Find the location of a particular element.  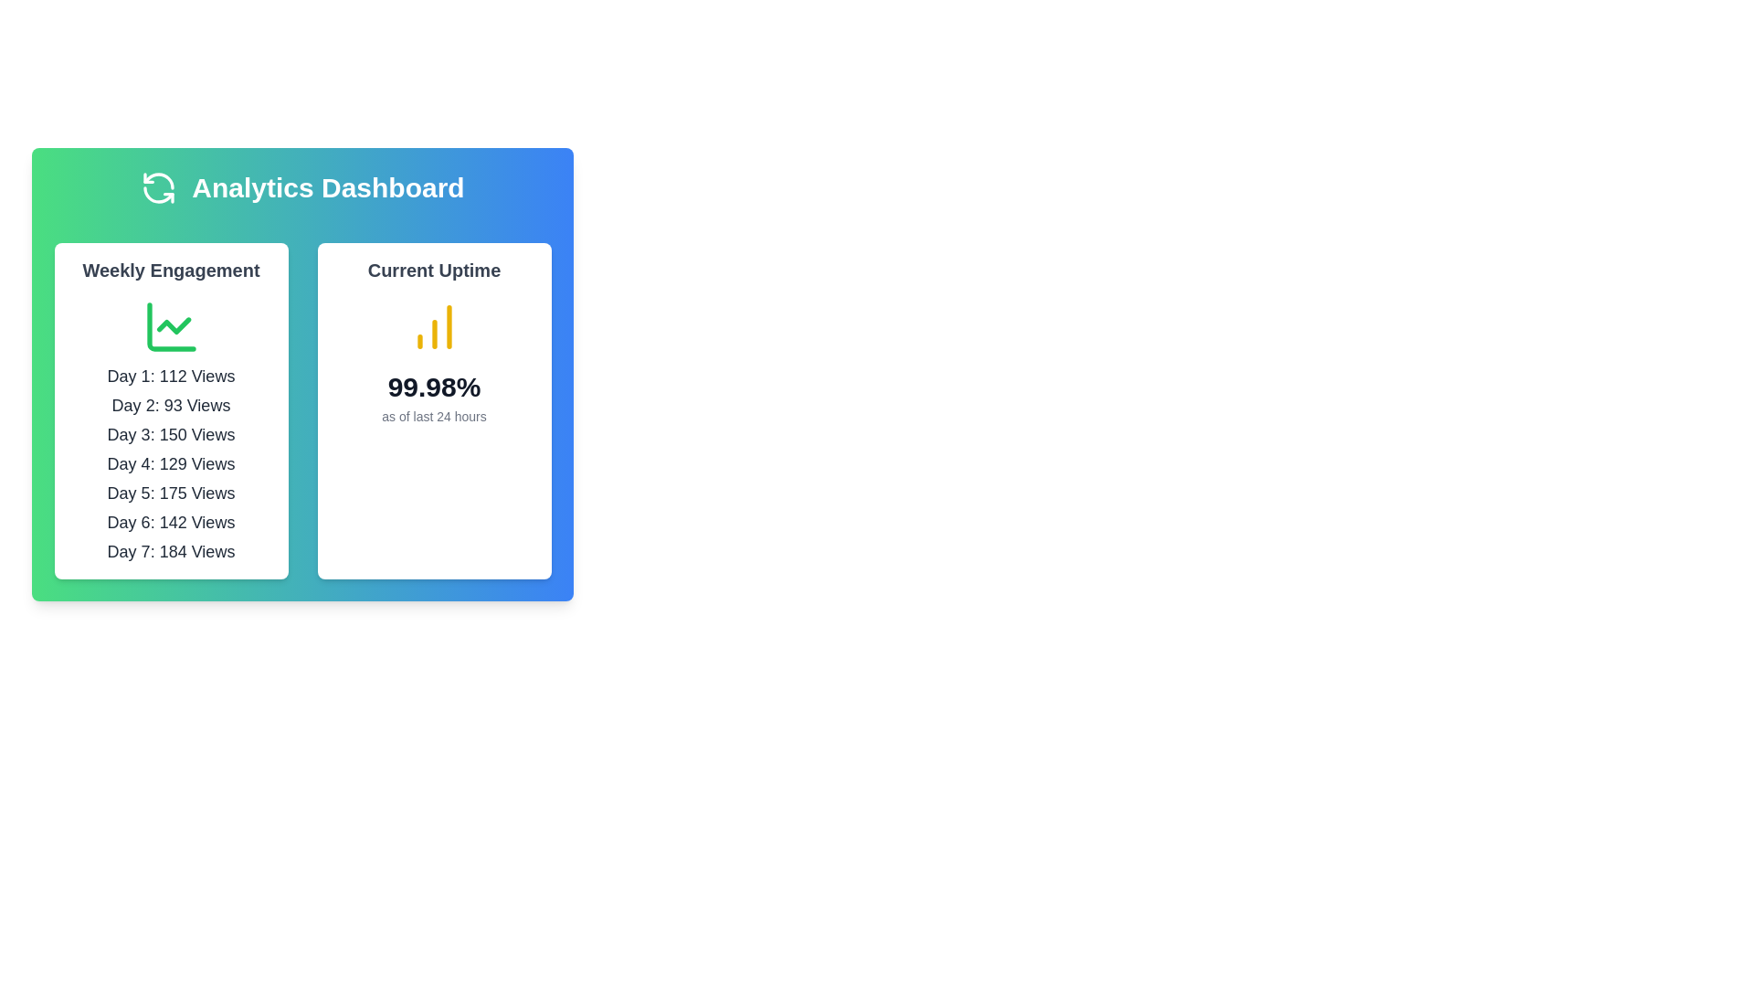

the text element that conveys the summary of the engagement statistics for 'Day 4' is located at coordinates (171, 463).